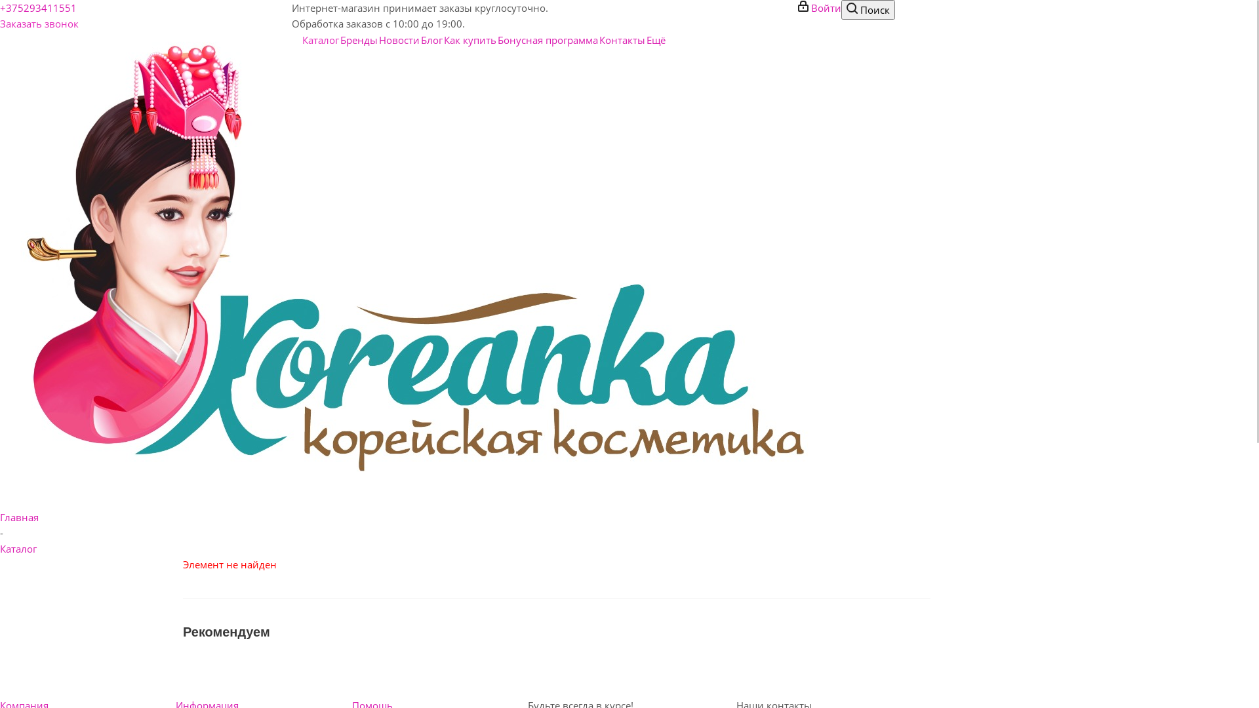  Describe the element at coordinates (0, 7) in the screenshot. I see `'+375293411551'` at that location.